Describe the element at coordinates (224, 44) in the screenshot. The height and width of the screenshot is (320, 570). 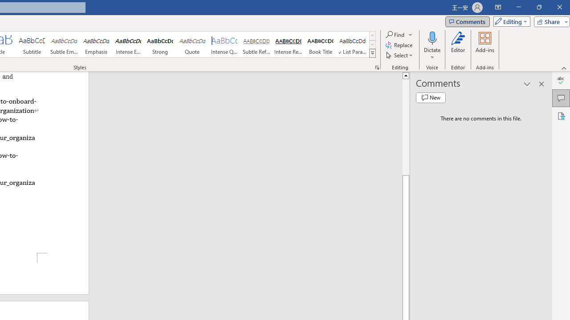
I see `'Intense Quote'` at that location.